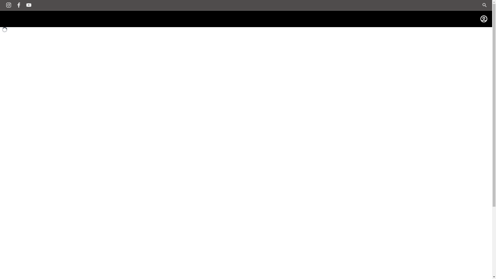 This screenshot has height=279, width=496. I want to click on 'Log In', so click(483, 19).